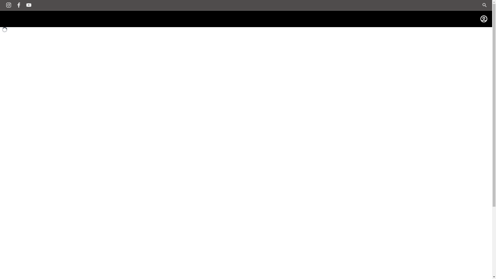 This screenshot has height=279, width=496. I want to click on 'Log In', so click(483, 19).